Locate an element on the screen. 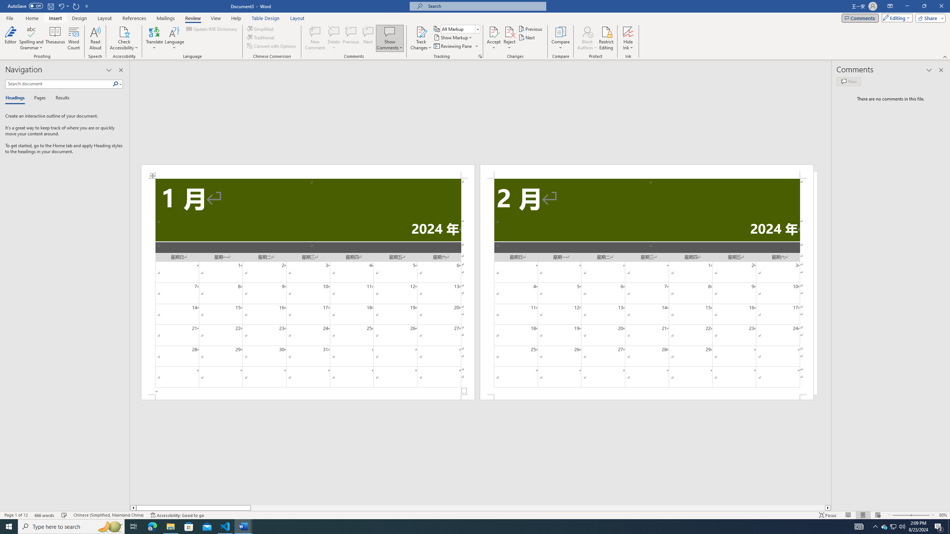 The width and height of the screenshot is (950, 534). 'Spelling and Grammar' is located at coordinates (32, 31).